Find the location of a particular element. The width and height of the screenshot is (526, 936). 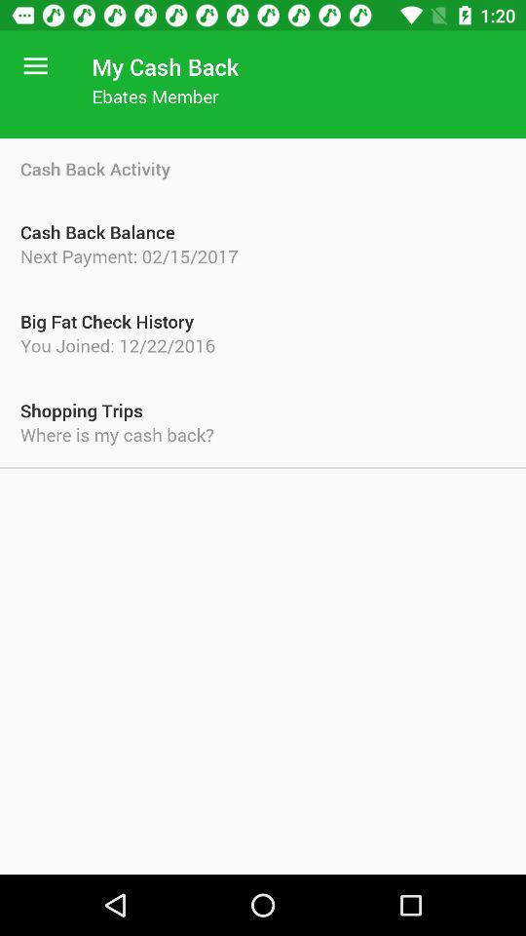

icon above big fat check item is located at coordinates (263, 254).